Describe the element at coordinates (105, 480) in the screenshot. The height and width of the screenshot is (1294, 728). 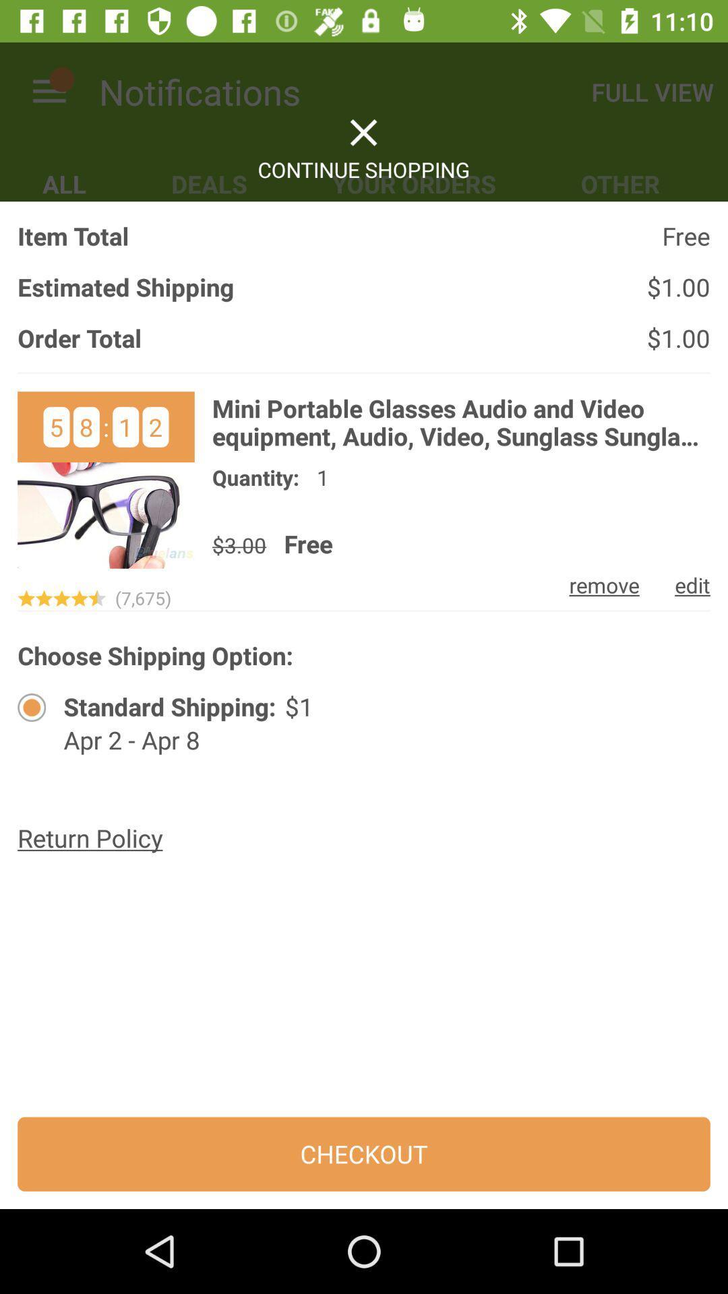
I see `item detail` at that location.